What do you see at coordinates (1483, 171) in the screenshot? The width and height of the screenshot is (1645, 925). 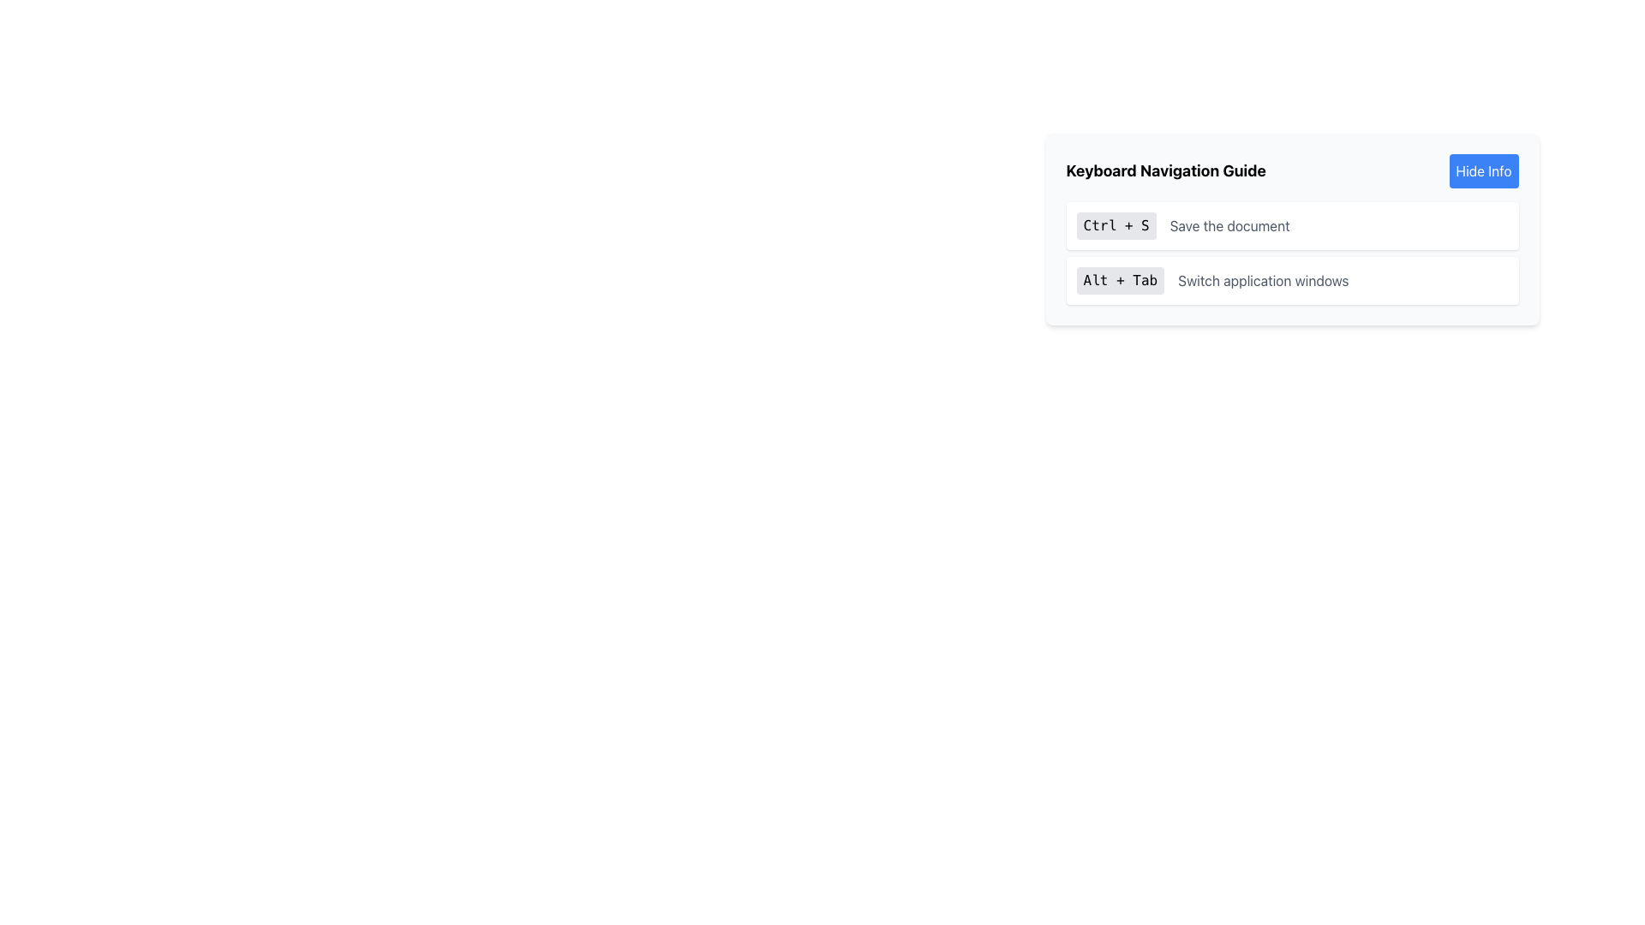 I see `the button located to the right of the 'Keyboard Navigation Guide' text to potentially view a visual effect` at bounding box center [1483, 171].